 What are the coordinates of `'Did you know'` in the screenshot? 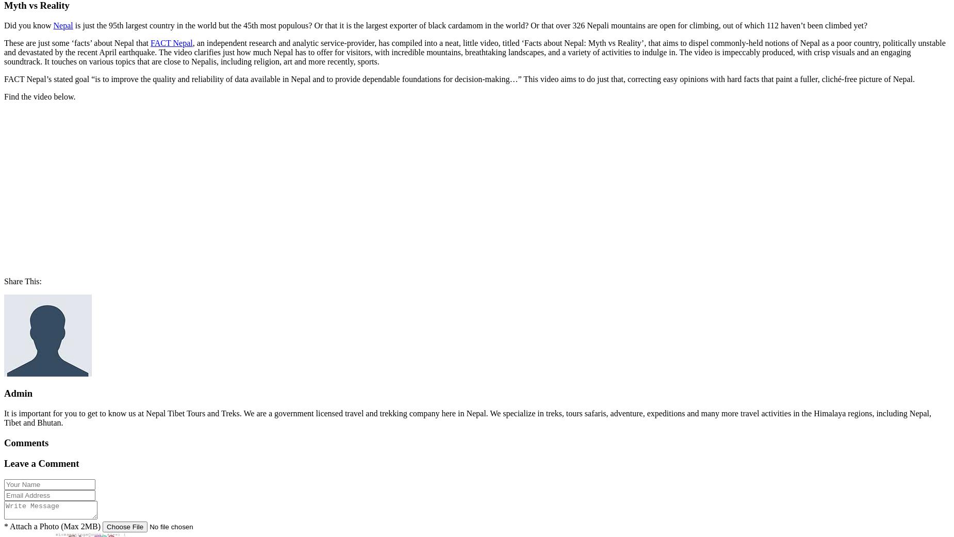 It's located at (28, 24).